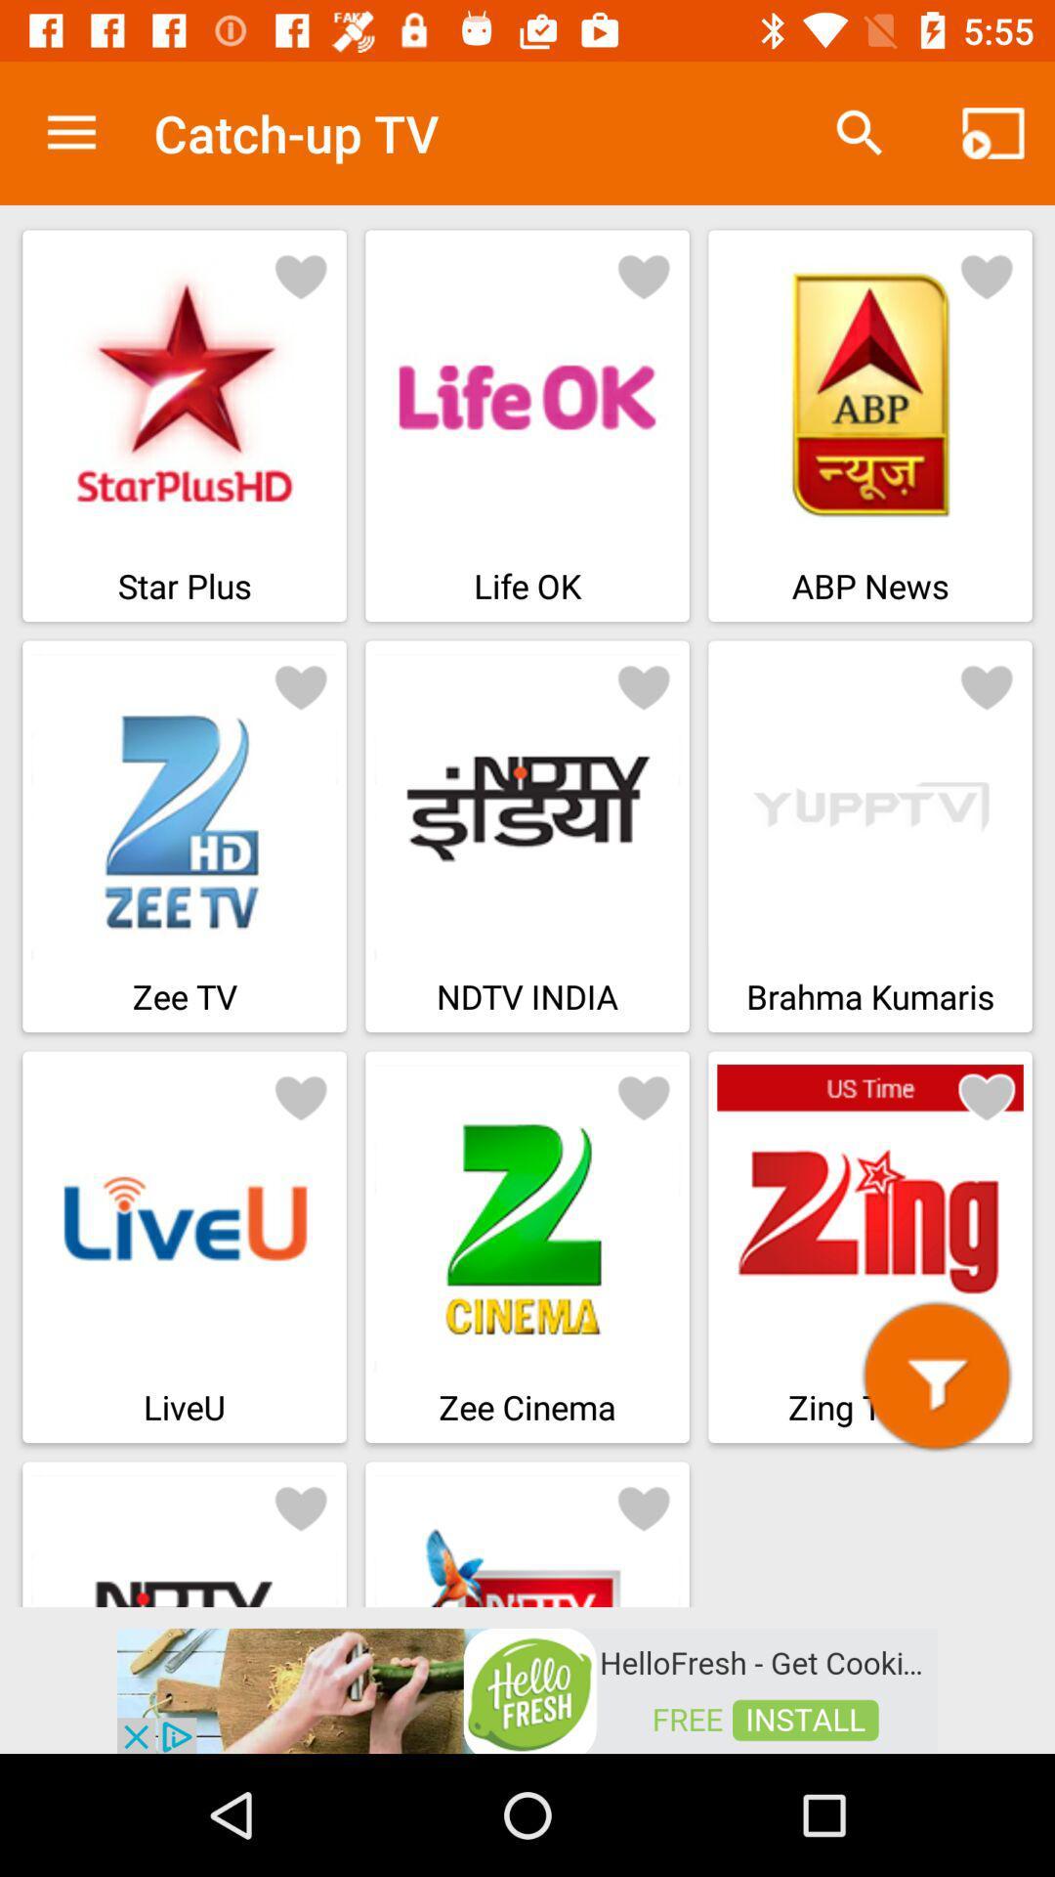  Describe the element at coordinates (301, 1506) in the screenshot. I see `slick to like option` at that location.